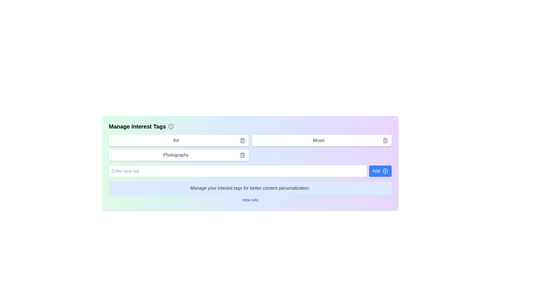 This screenshot has width=539, height=303. Describe the element at coordinates (322, 140) in the screenshot. I see `the 'Music' text element, which is part of a composite component consisting of a label and a trash icon` at that location.